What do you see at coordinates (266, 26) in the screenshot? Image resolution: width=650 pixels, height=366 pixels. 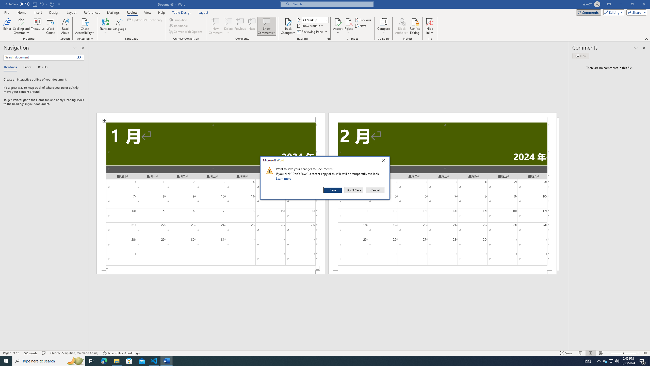 I see `'Show Comments'` at bounding box center [266, 26].